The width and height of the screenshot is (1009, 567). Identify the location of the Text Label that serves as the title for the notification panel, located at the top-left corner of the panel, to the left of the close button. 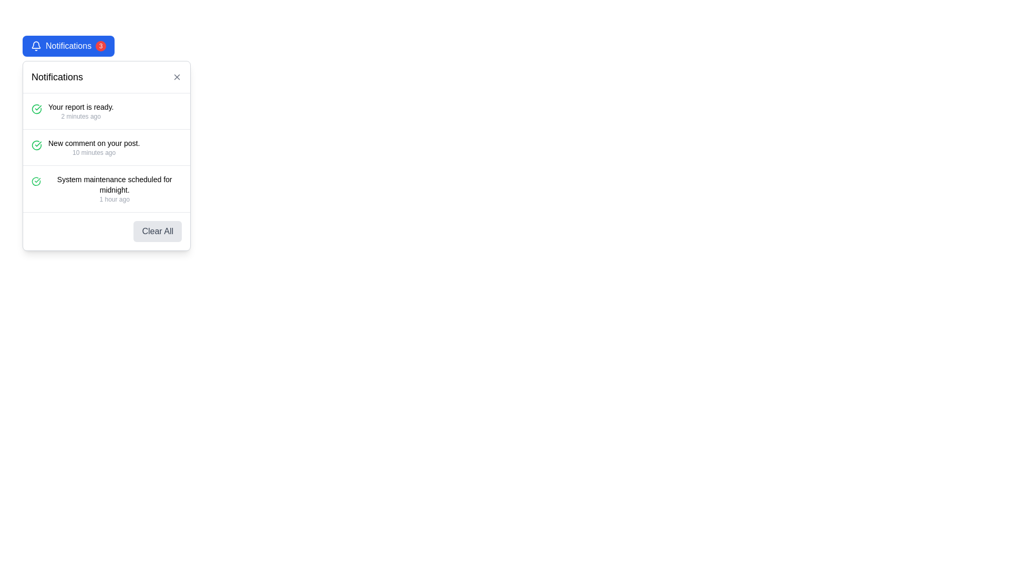
(57, 76).